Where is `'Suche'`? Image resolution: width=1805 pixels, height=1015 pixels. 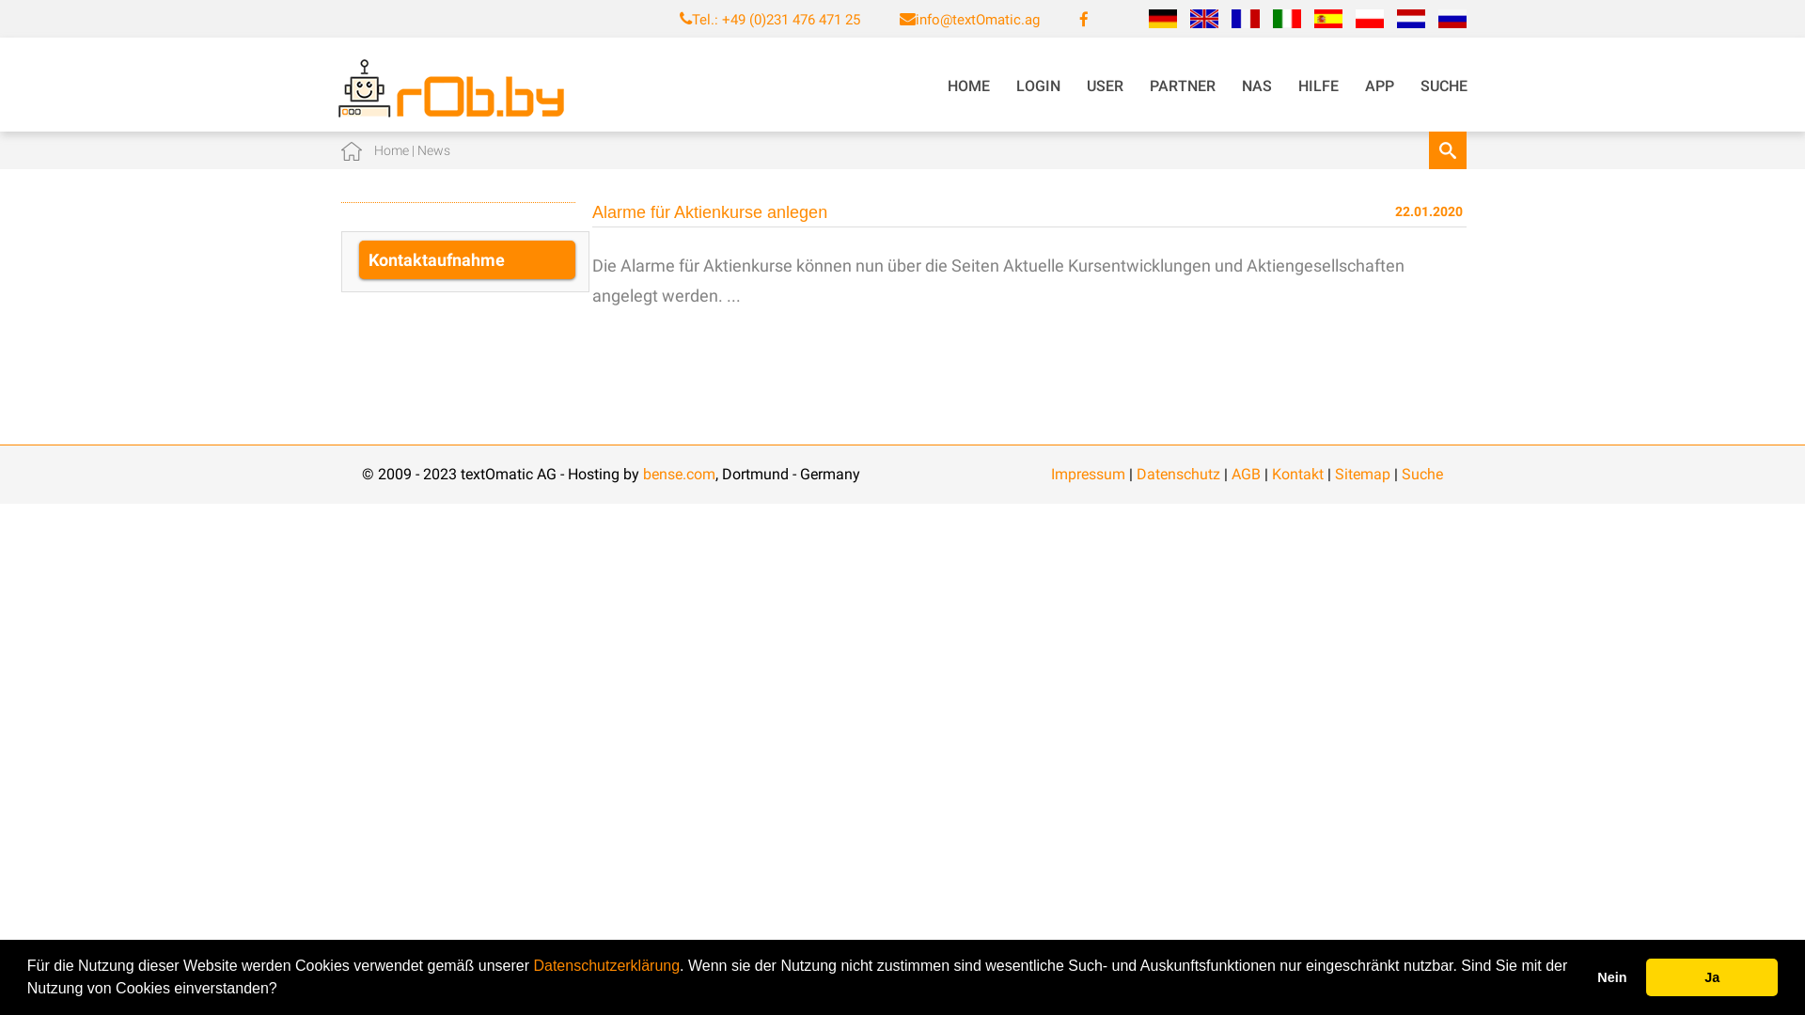 'Suche' is located at coordinates (1421, 473).